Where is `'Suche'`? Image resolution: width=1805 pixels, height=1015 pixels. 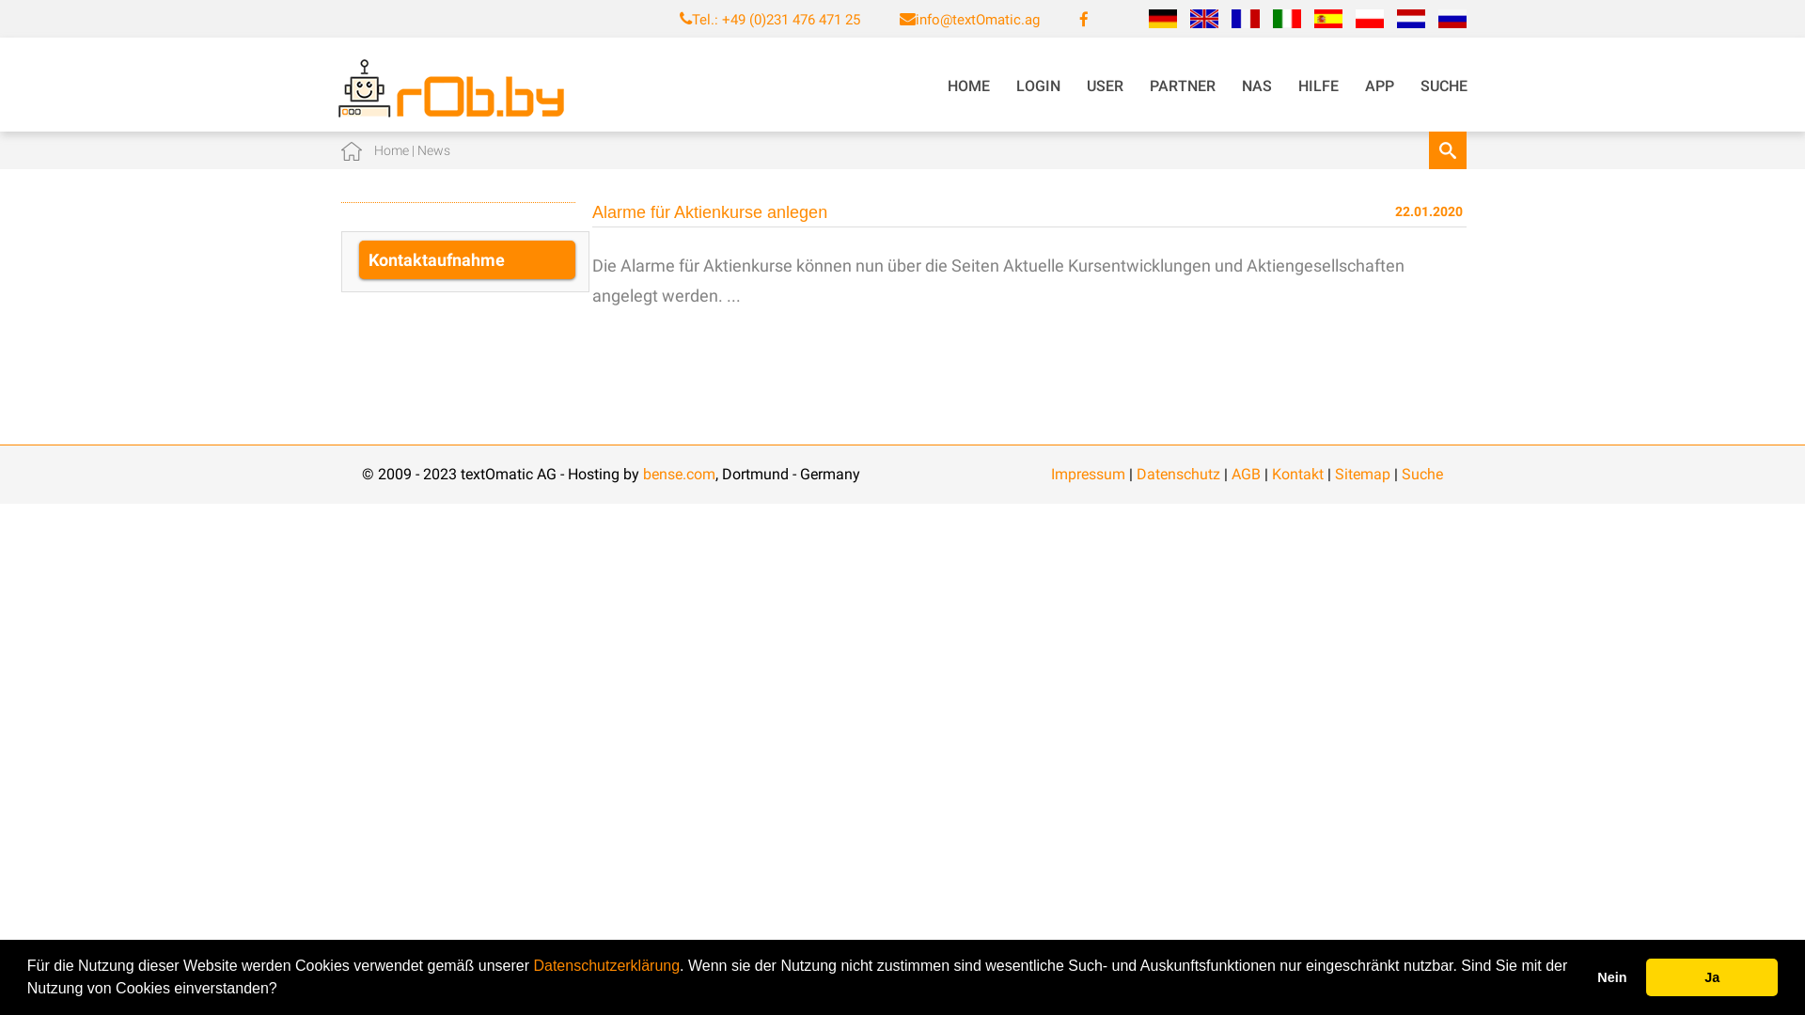 'Suche' is located at coordinates (1421, 473).